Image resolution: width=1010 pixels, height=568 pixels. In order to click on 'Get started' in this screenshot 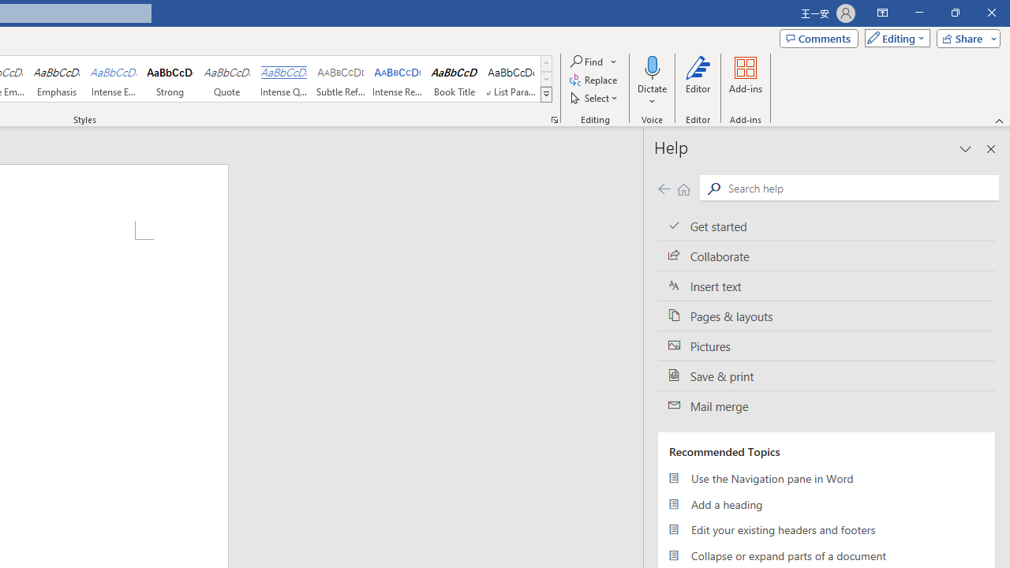, I will do `click(825, 226)`.